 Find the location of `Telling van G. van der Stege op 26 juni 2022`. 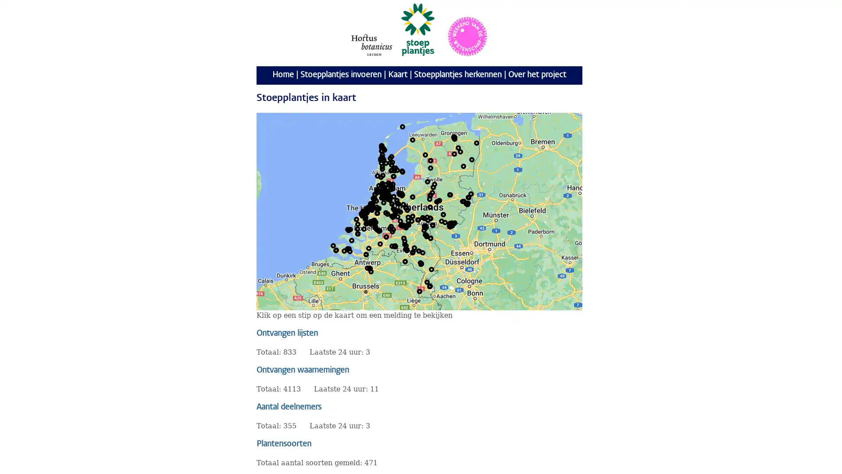

Telling van G. van der Stege op 26 juni 2022 is located at coordinates (454, 138).